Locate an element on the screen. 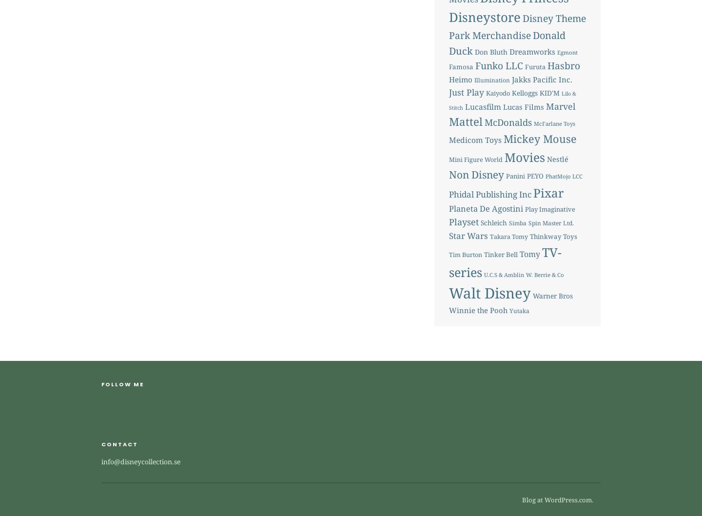 The height and width of the screenshot is (516, 702). 'Star Wars' is located at coordinates (468, 235).